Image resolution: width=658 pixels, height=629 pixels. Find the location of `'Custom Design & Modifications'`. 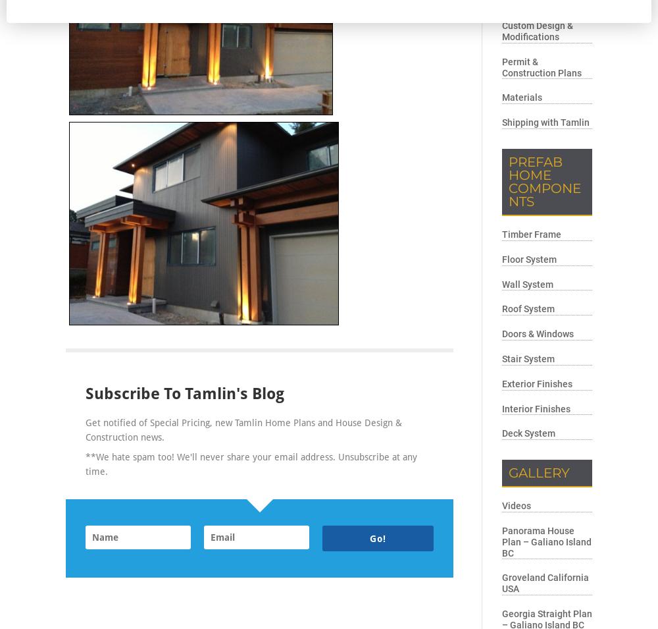

'Custom Design & Modifications' is located at coordinates (502, 30).